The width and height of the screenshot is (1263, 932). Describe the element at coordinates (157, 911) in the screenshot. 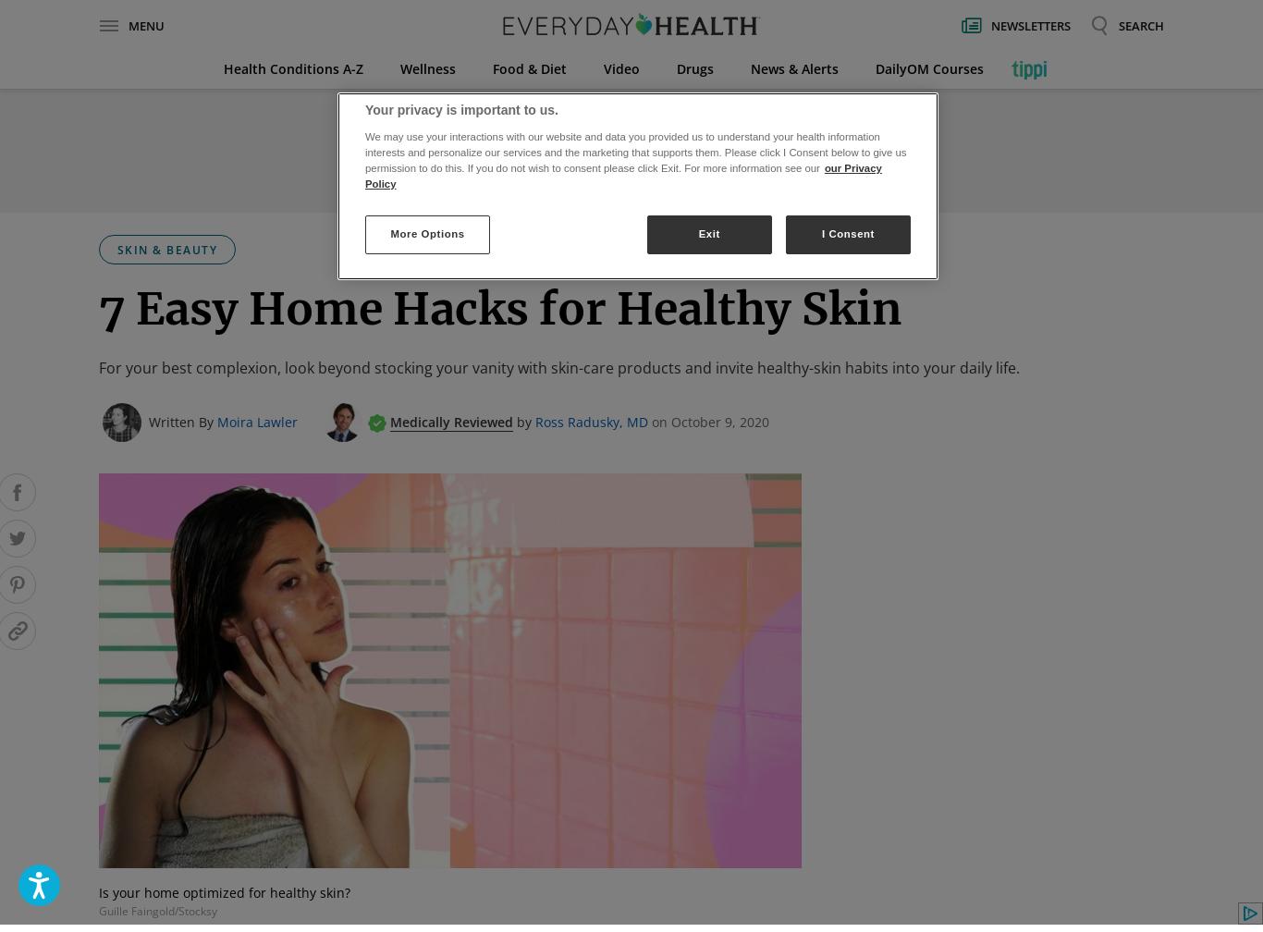

I see `'Guille Faingold/Stocksy'` at that location.